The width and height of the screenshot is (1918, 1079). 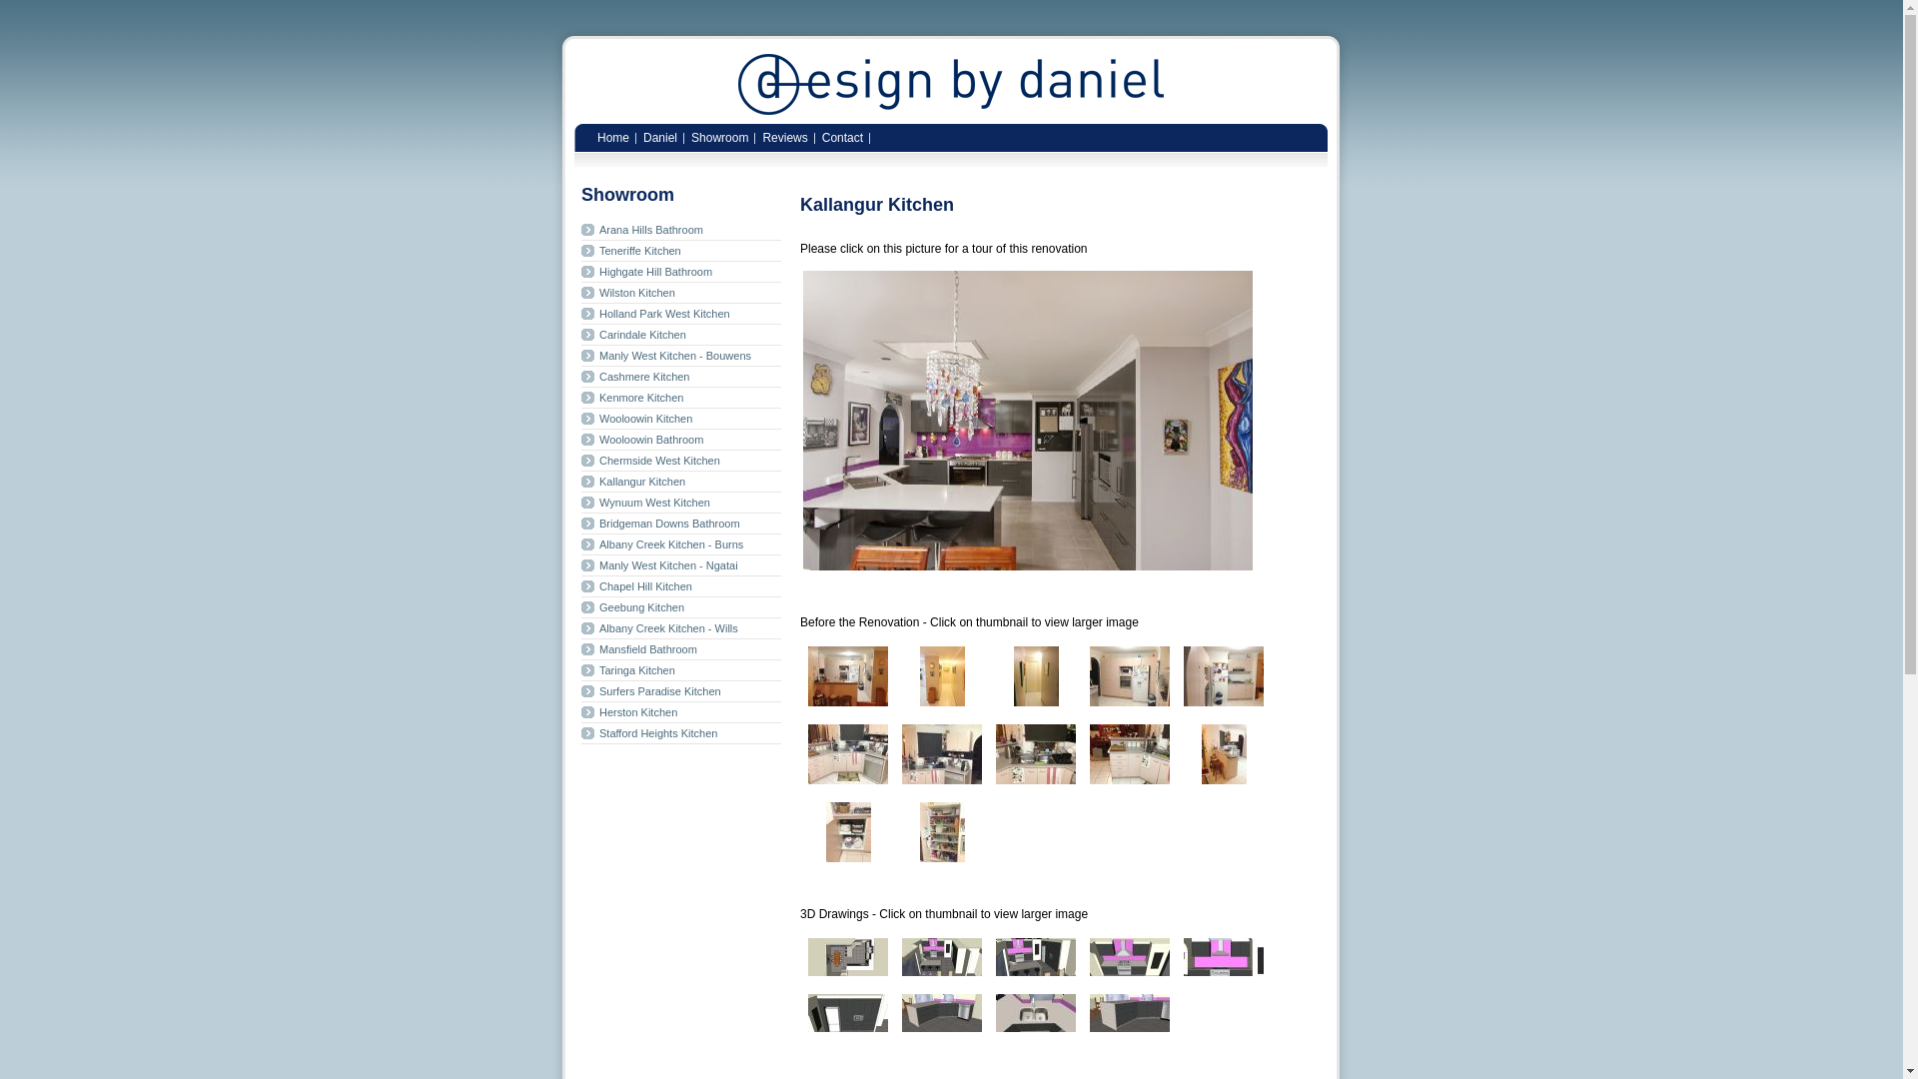 I want to click on 'Cashmere Kitchen', so click(x=680, y=377).